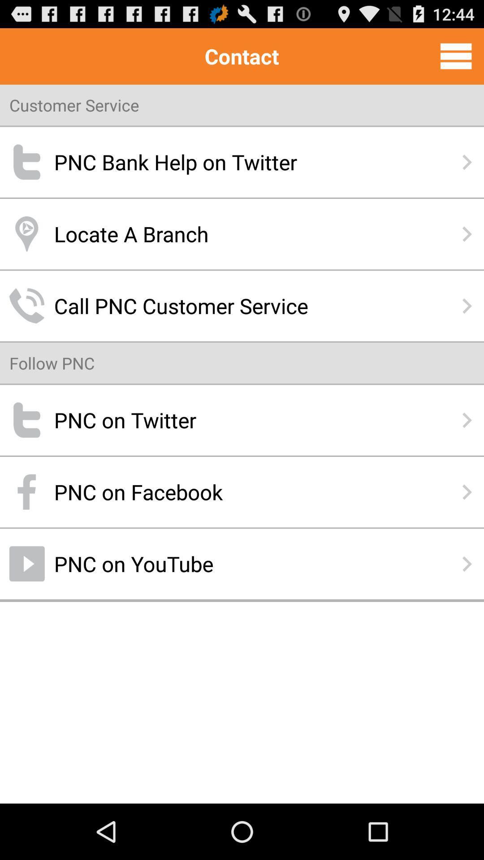  What do you see at coordinates (242, 306) in the screenshot?
I see `the item above follow pnc item` at bounding box center [242, 306].